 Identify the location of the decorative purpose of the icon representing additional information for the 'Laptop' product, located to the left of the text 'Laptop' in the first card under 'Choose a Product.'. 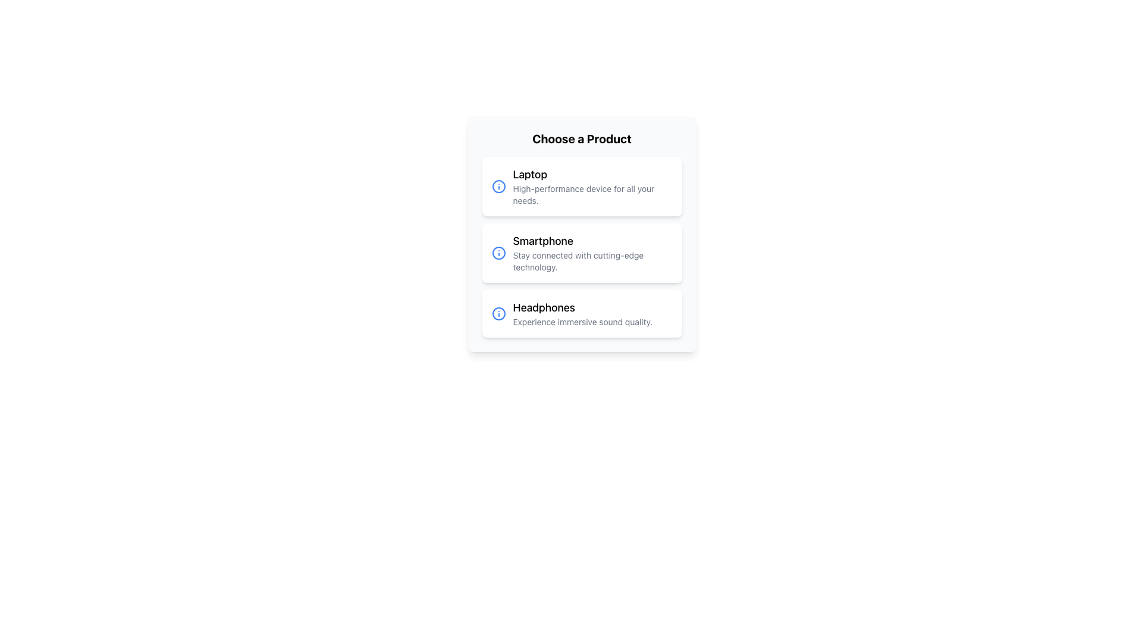
(498, 186).